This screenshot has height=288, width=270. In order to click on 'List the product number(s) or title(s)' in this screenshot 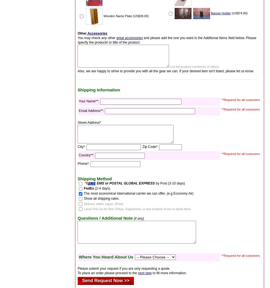, I will do `click(194, 66)`.